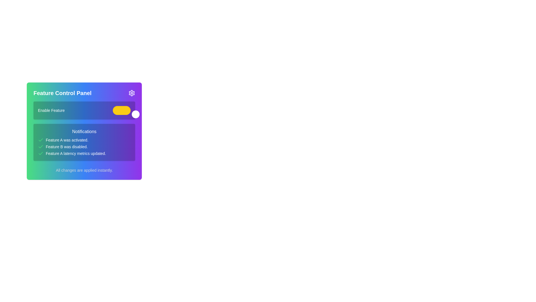 This screenshot has height=302, width=536. I want to click on the Settings Icon located at the top-right corner of the Feature Control Panel, so click(131, 93).